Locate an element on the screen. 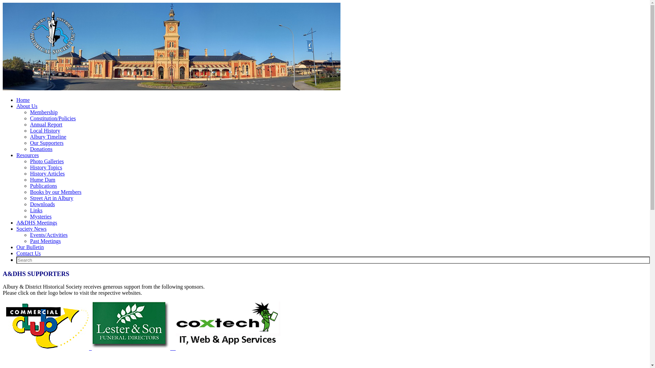 The image size is (655, 368). 'History Topics' is located at coordinates (45, 167).